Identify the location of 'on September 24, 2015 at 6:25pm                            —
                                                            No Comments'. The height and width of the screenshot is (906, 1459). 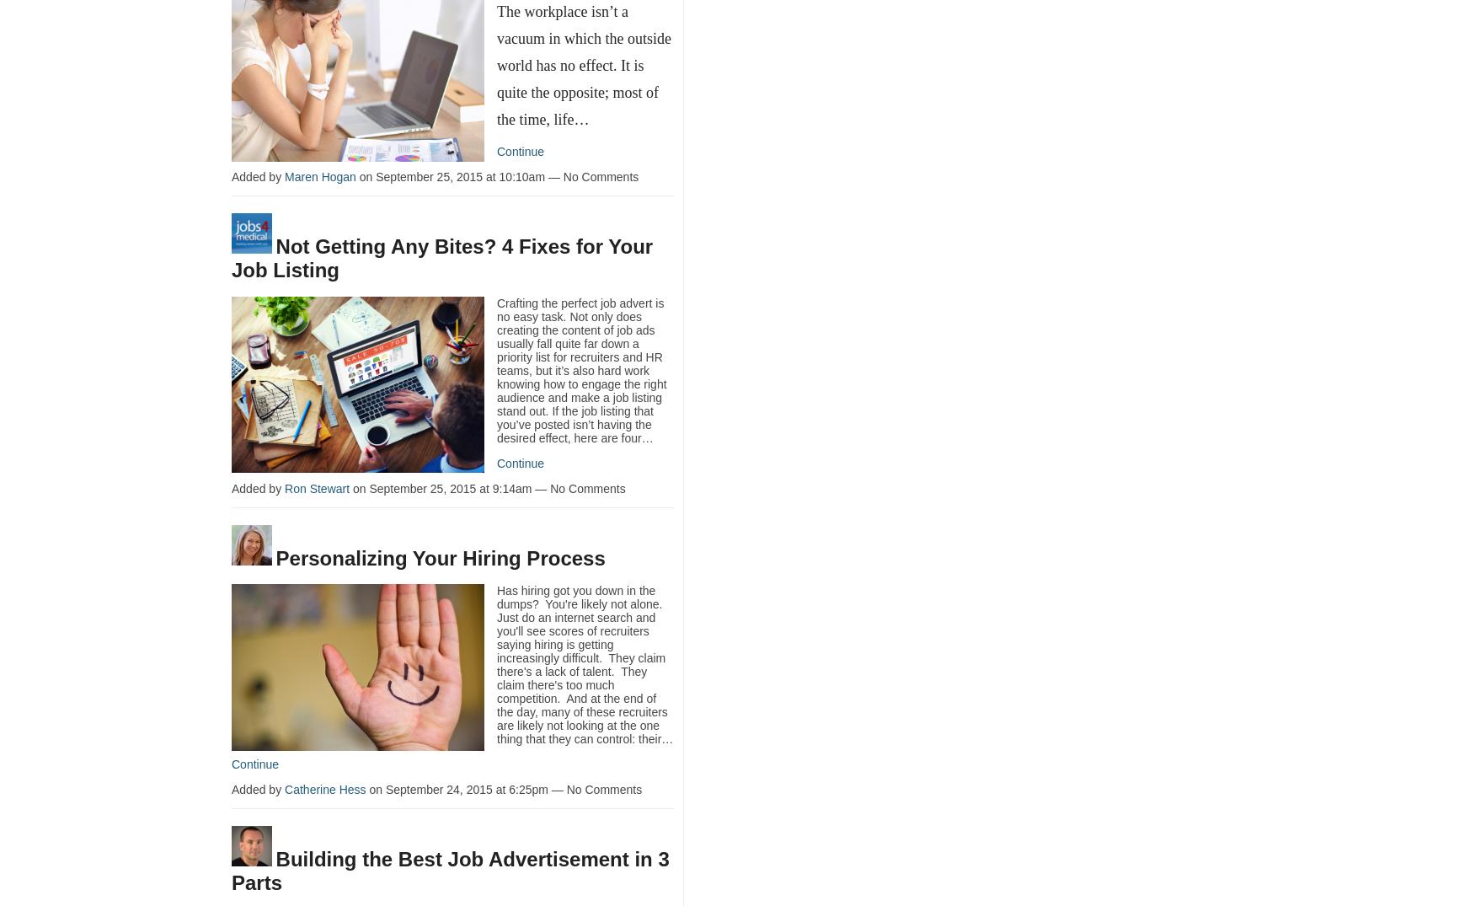
(504, 789).